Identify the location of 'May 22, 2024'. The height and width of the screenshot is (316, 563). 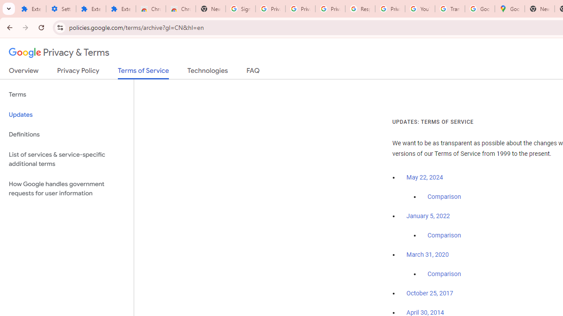
(425, 178).